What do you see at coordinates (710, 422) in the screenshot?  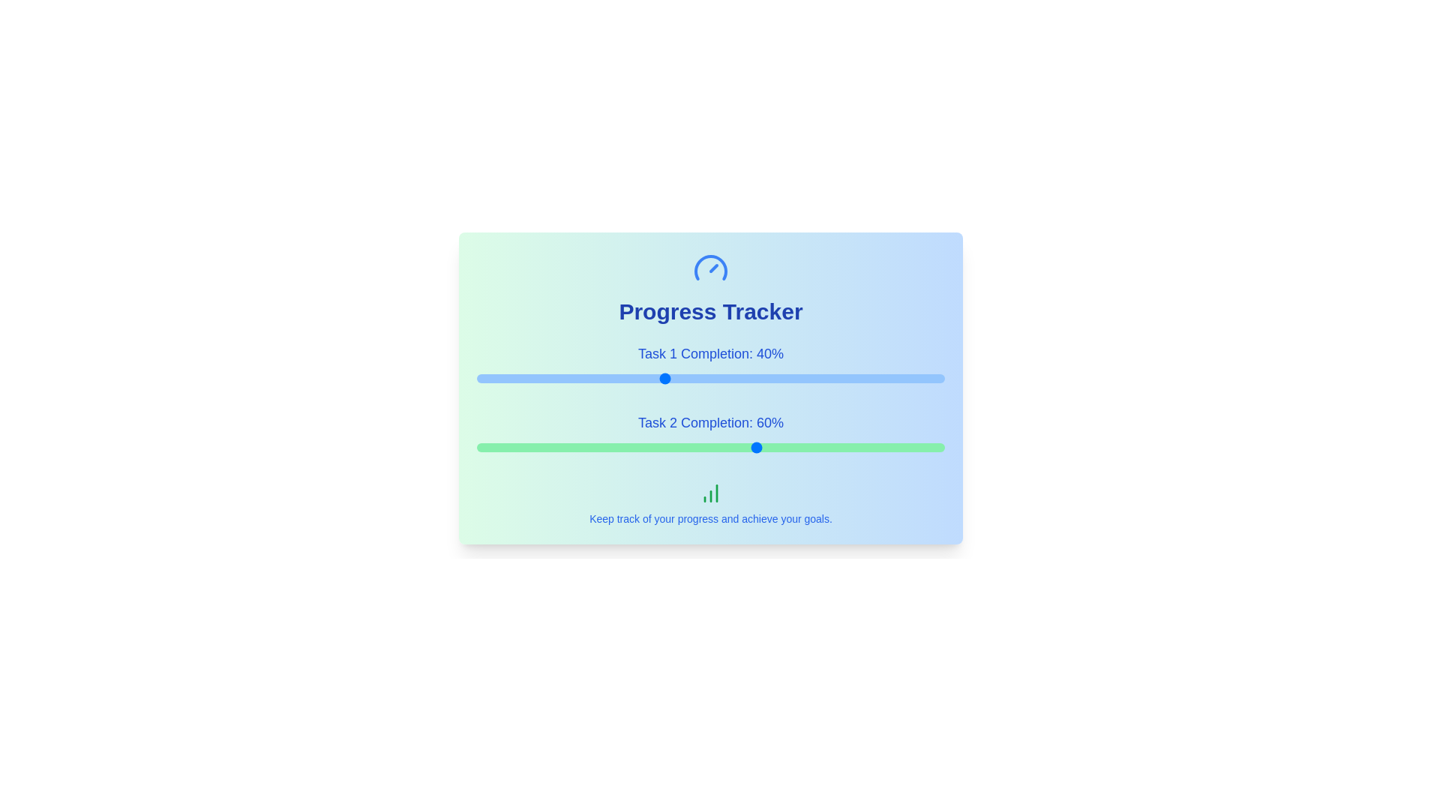 I see `the Text label that provides feedback about the completion percentage of Task 2, located between the progress bars for Task 1 and Task 2` at bounding box center [710, 422].